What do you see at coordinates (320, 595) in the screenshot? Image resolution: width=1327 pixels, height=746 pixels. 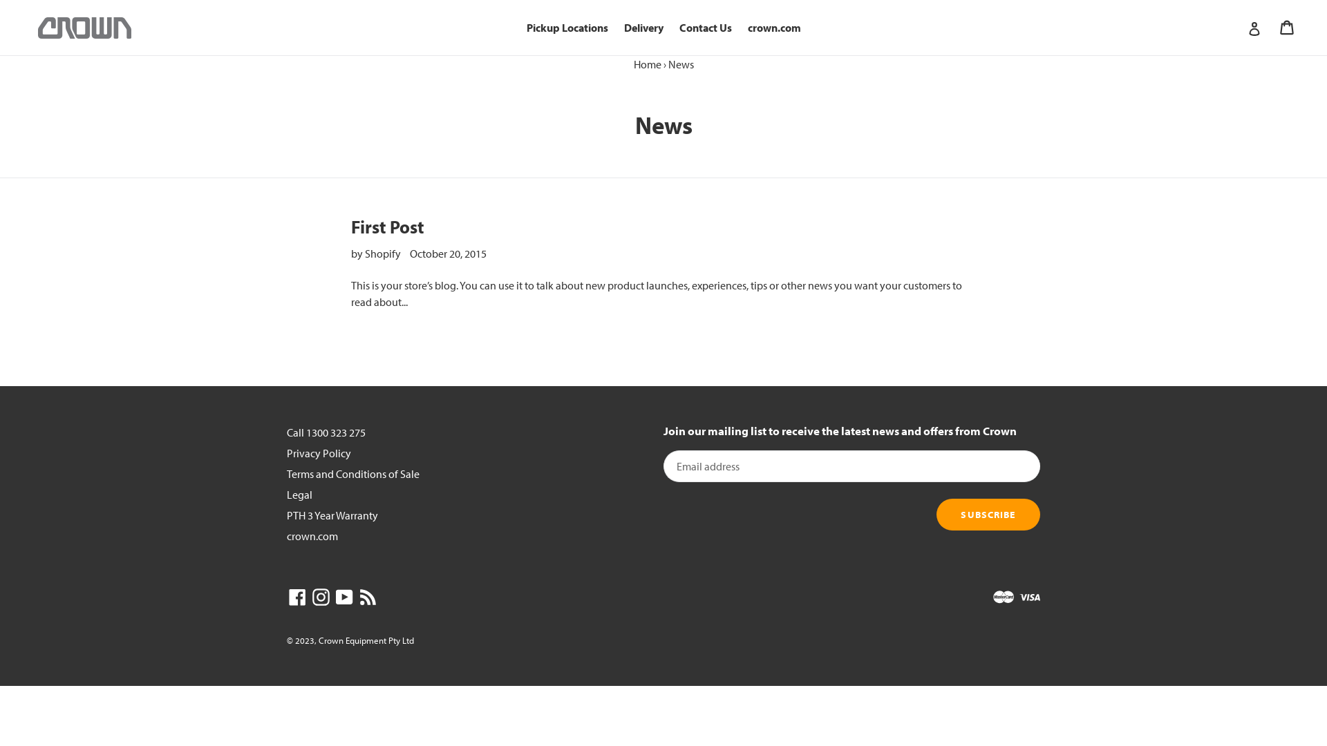 I see `'Instagram'` at bounding box center [320, 595].